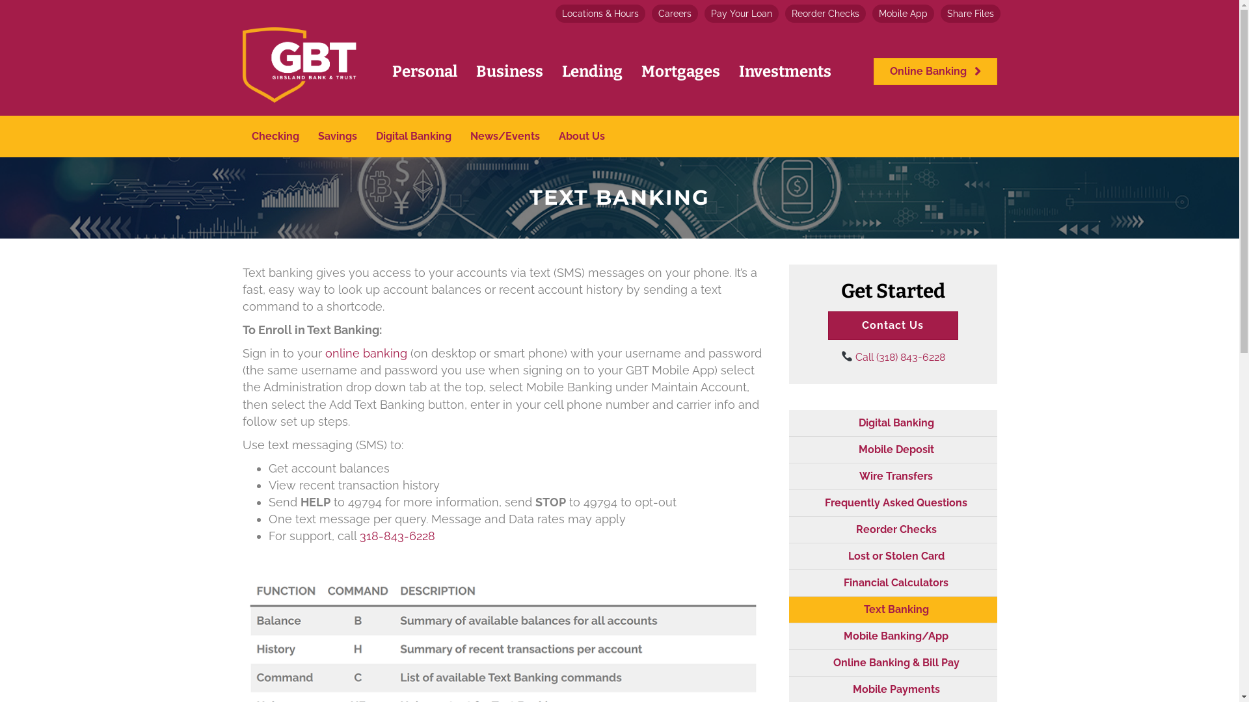 The width and height of the screenshot is (1249, 702). Describe the element at coordinates (580, 136) in the screenshot. I see `'About Us'` at that location.